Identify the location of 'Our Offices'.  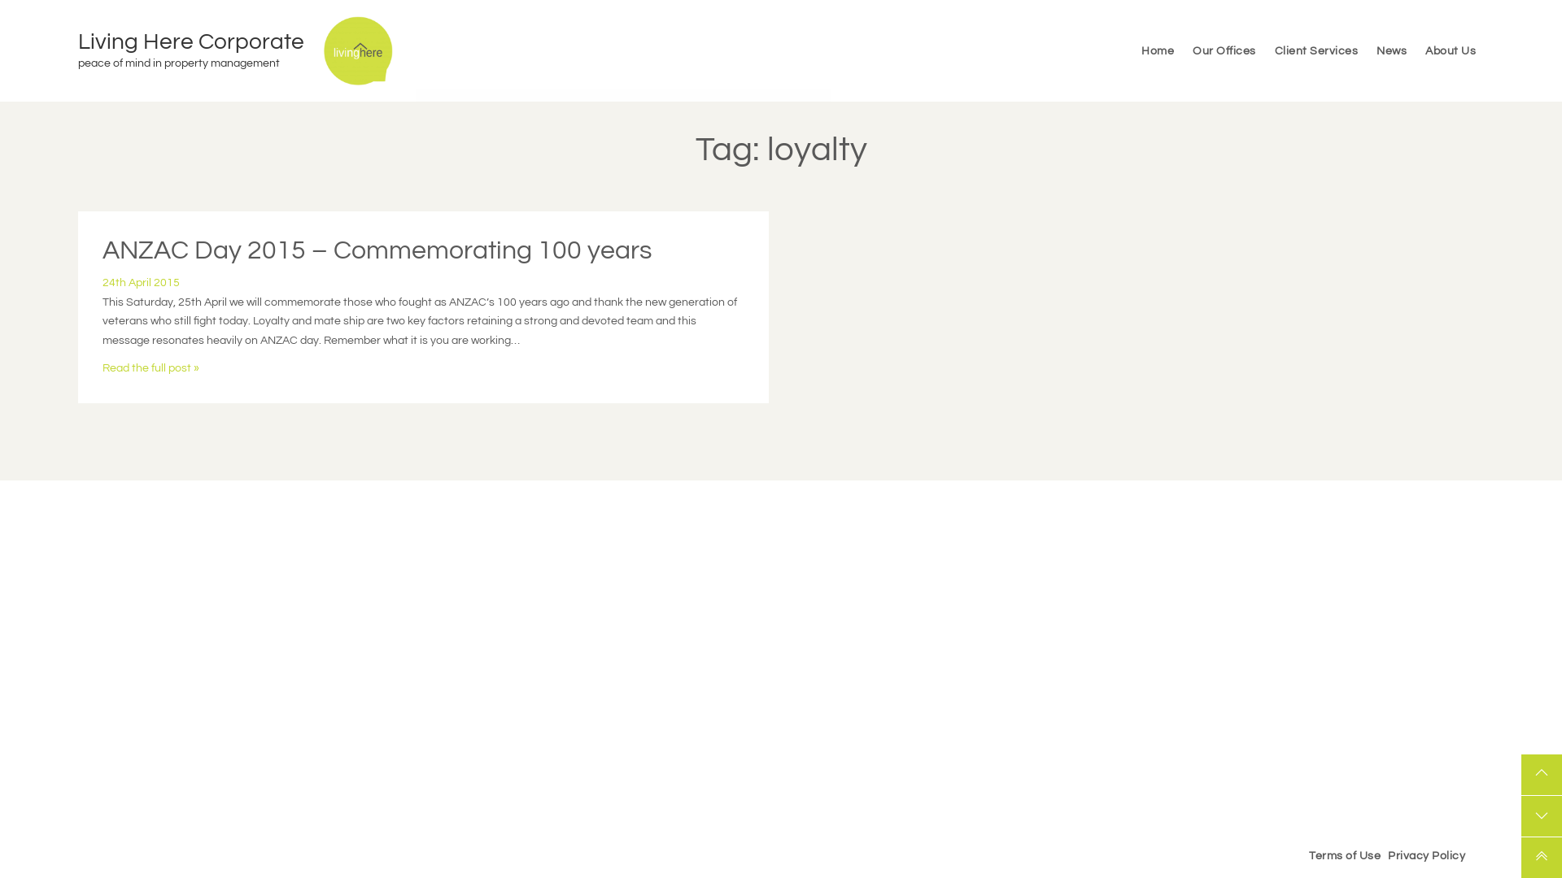
(1184, 49).